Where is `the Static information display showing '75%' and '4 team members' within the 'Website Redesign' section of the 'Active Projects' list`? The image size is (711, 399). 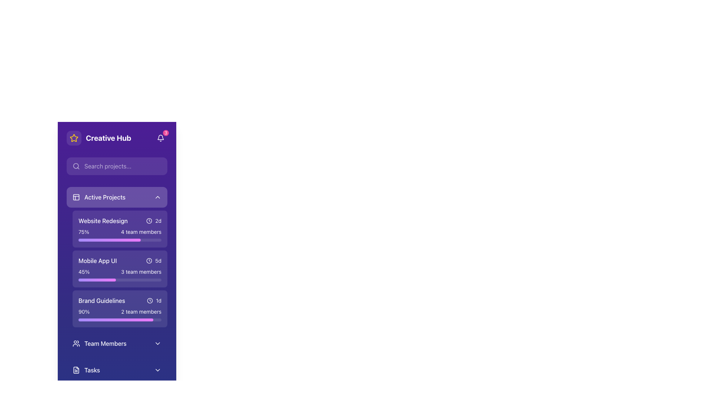
the Static information display showing '75%' and '4 team members' within the 'Website Redesign' section of the 'Active Projects' list is located at coordinates (120, 232).